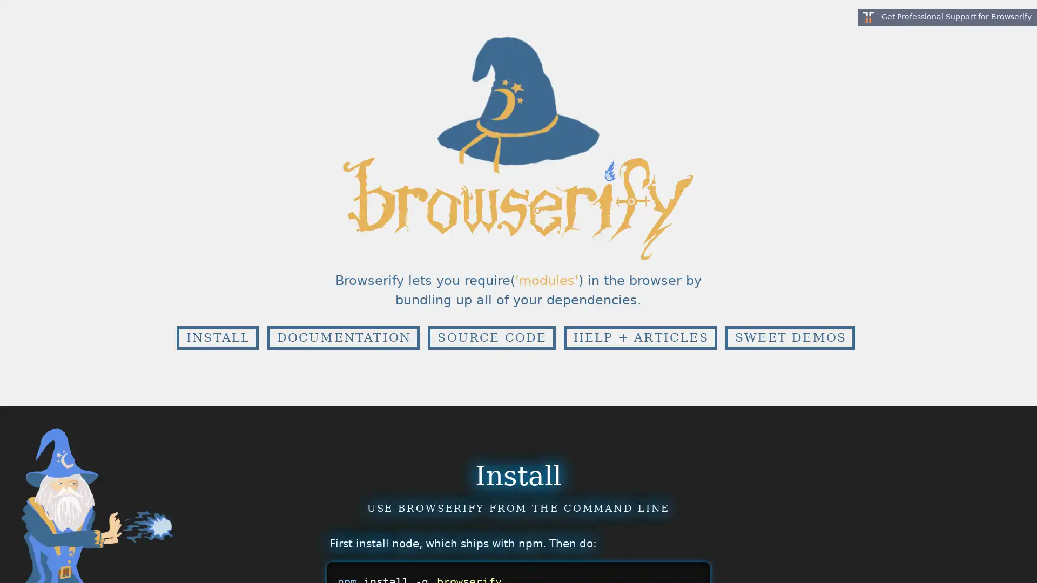 The height and width of the screenshot is (583, 1037). Describe the element at coordinates (342, 337) in the screenshot. I see `DOCUMENTATION` at that location.